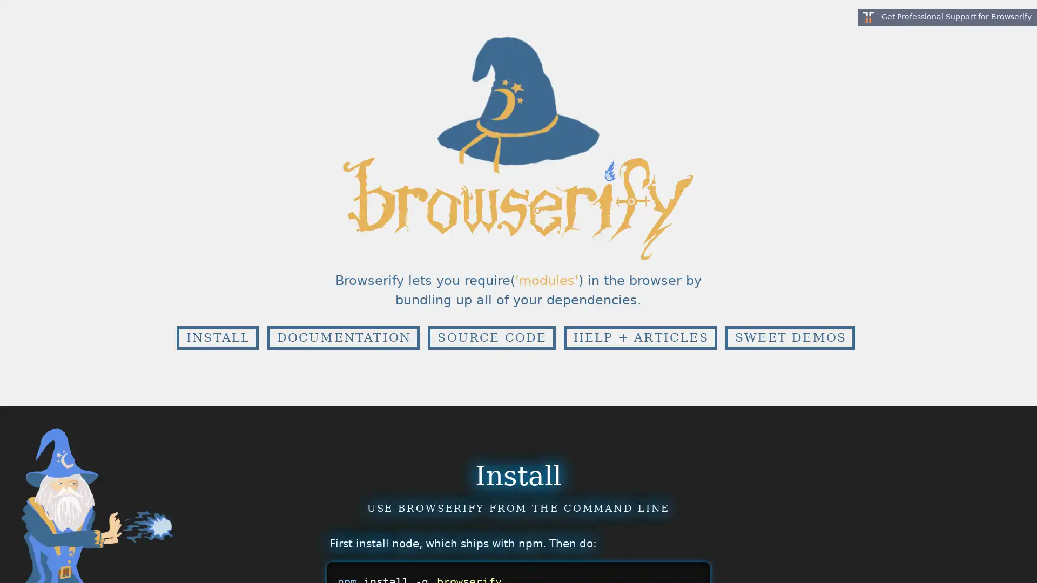 The height and width of the screenshot is (583, 1037). Describe the element at coordinates (342, 337) in the screenshot. I see `DOCUMENTATION` at that location.